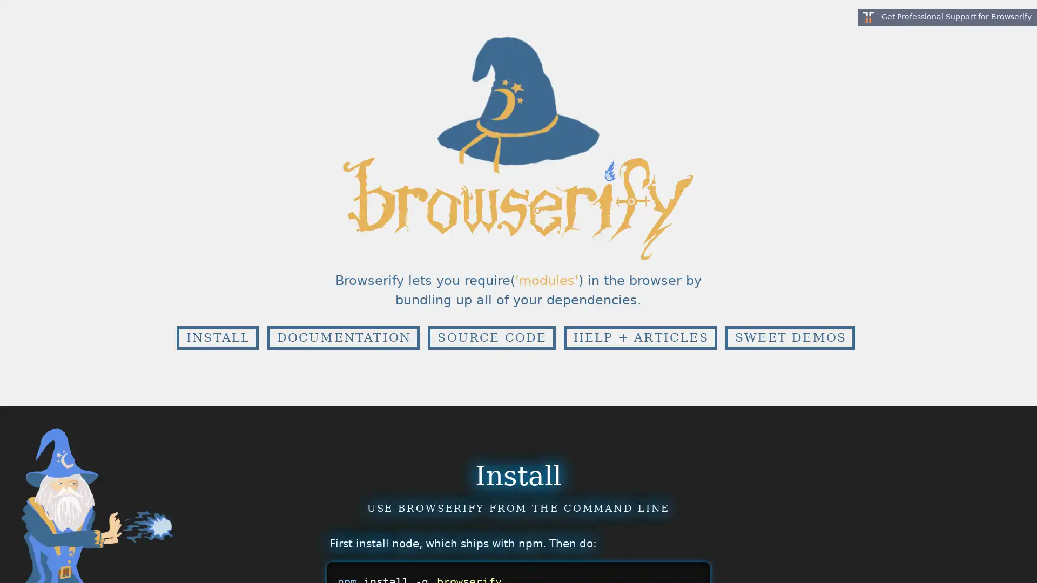 The height and width of the screenshot is (583, 1037). Describe the element at coordinates (342, 337) in the screenshot. I see `DOCUMENTATION` at that location.